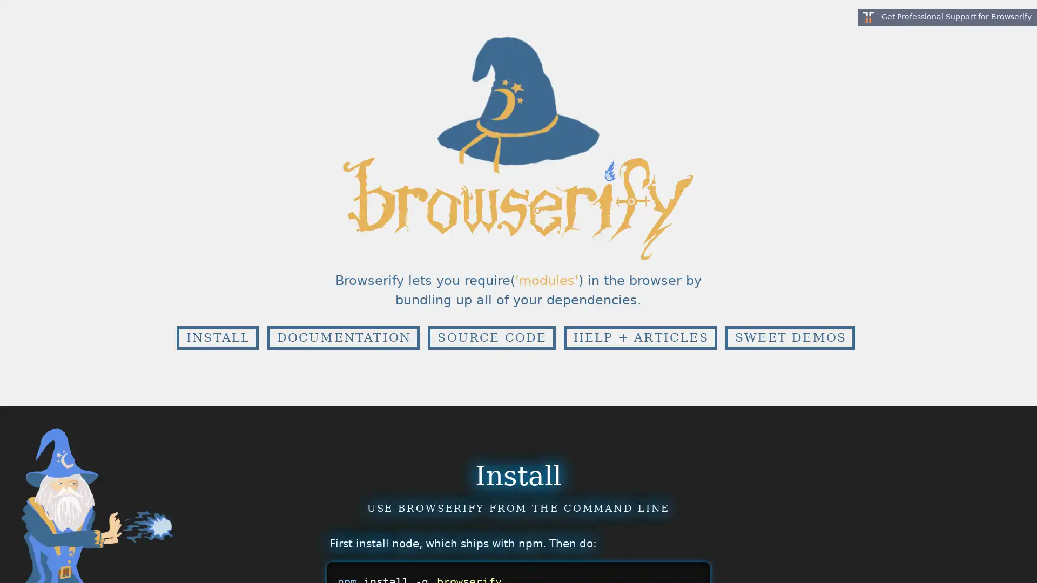 The height and width of the screenshot is (583, 1037). Describe the element at coordinates (342, 337) in the screenshot. I see `DOCUMENTATION` at that location.